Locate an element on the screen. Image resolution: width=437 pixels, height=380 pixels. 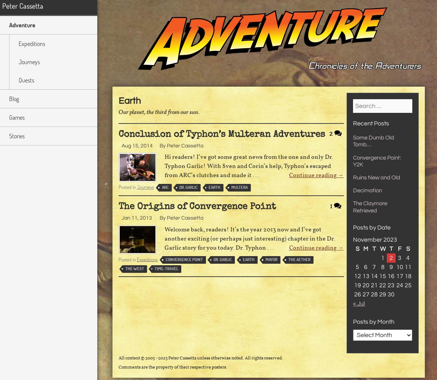
'6' is located at coordinates (364, 266).